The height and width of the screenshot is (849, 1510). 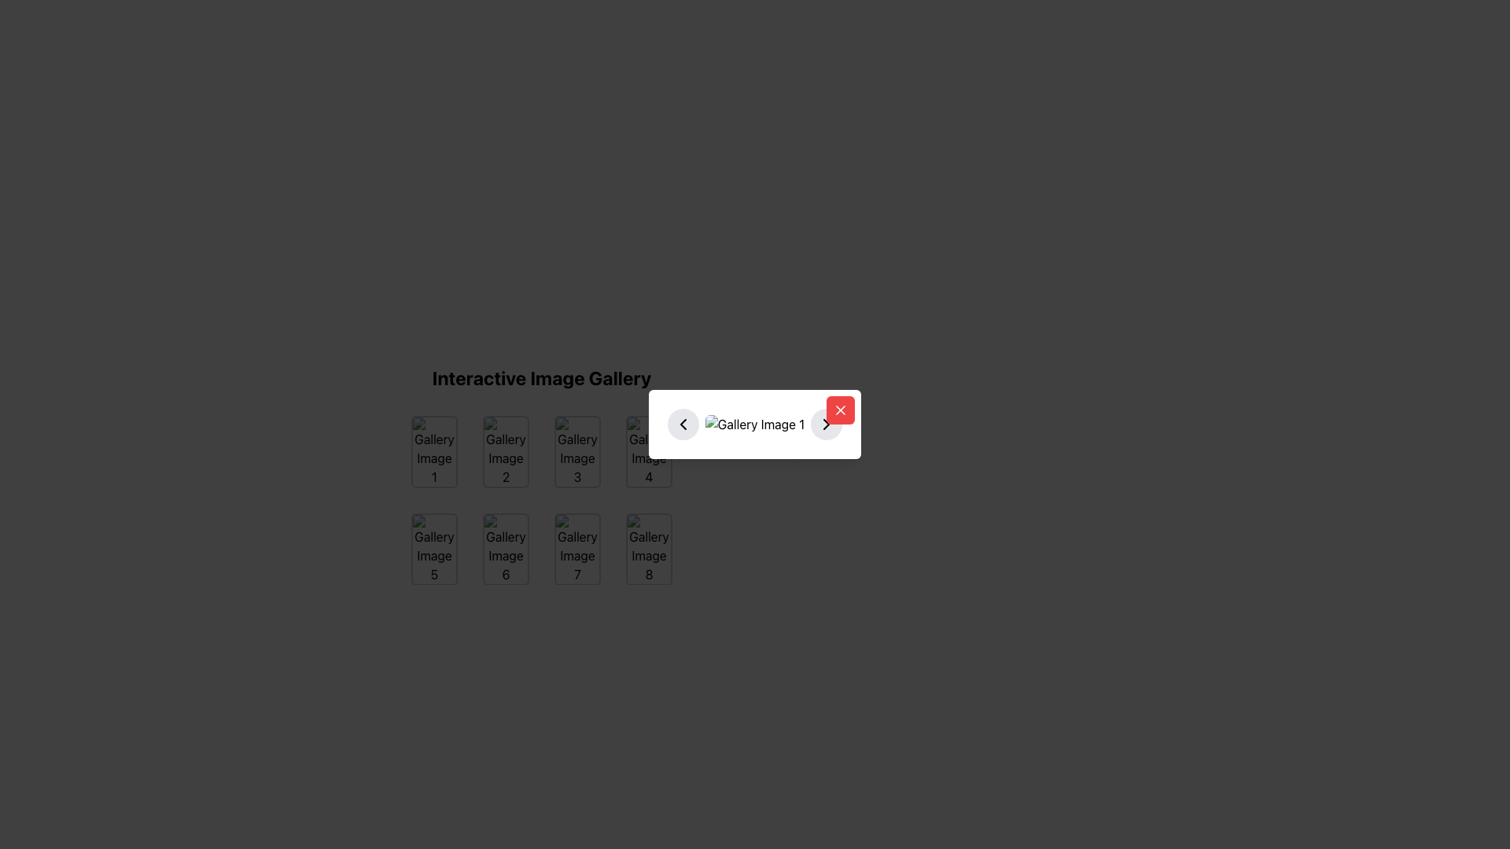 What do you see at coordinates (434, 451) in the screenshot?
I see `the first gallery image placeholder located in the top-left corner of the grid` at bounding box center [434, 451].